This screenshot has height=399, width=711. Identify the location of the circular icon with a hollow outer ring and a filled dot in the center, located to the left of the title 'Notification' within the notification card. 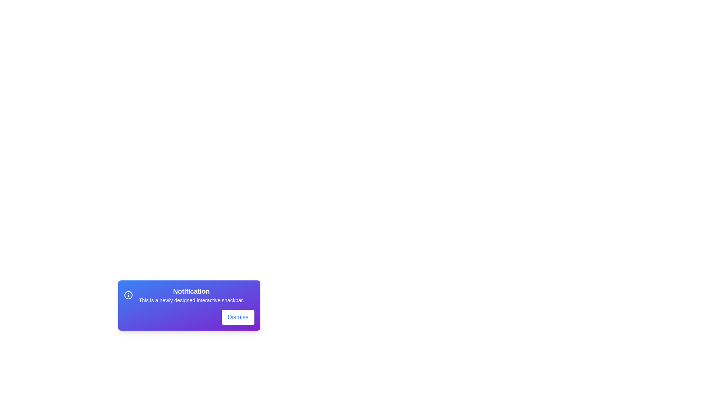
(128, 294).